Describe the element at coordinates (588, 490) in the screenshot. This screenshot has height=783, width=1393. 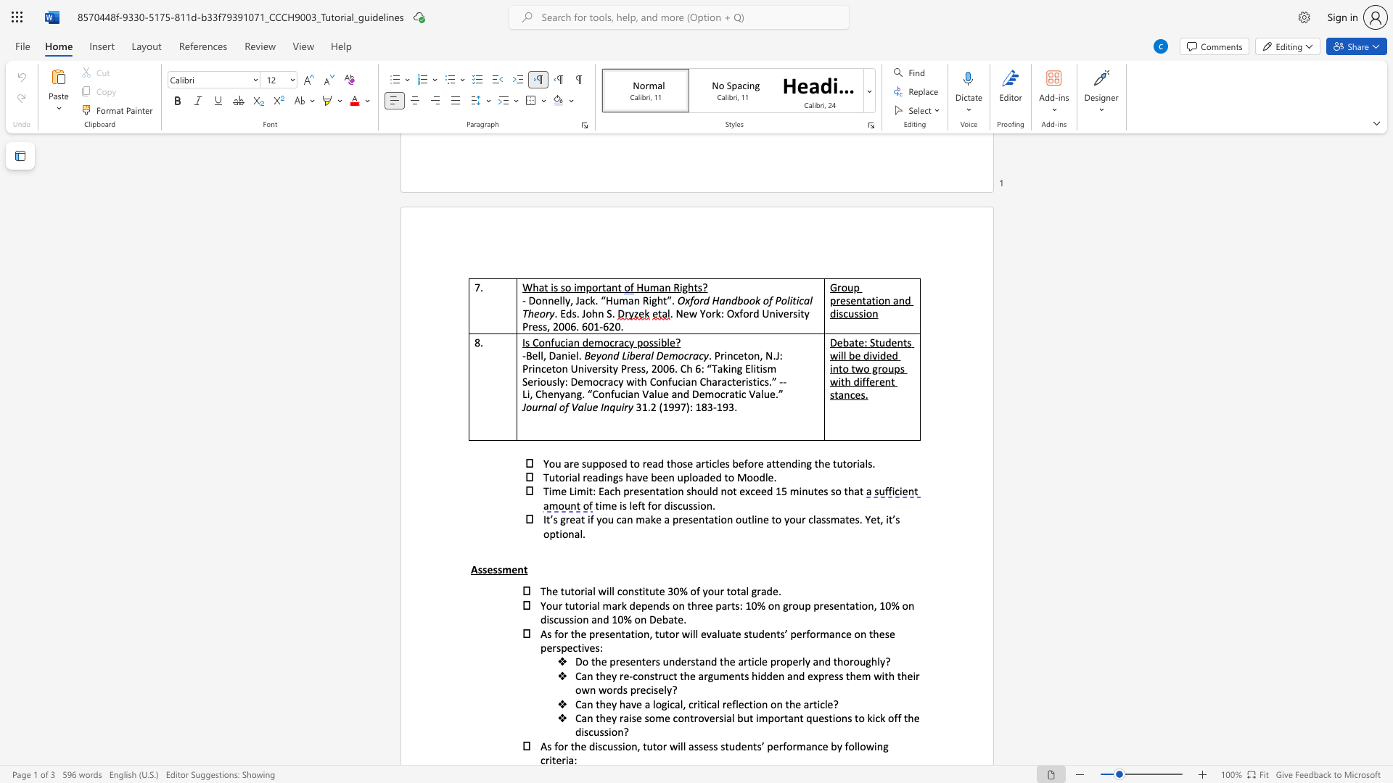
I see `the subset text "t: Each presentation should not exceed 15 m" within the text "Time Limit: Each presentation should not exceed 15 minutes so that"` at that location.